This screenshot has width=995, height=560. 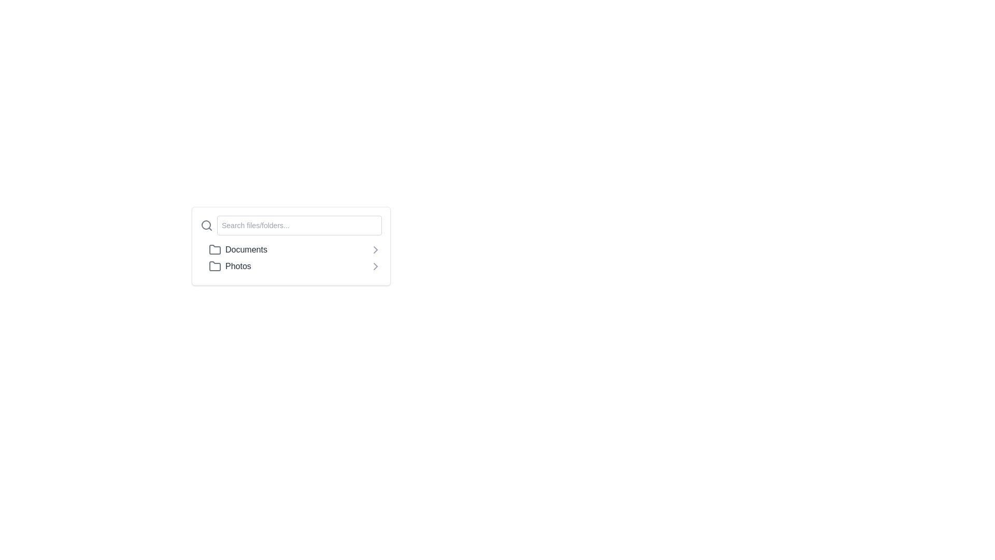 I want to click on the gray folder icon located to the left of the 'Photos' label, so click(x=214, y=265).